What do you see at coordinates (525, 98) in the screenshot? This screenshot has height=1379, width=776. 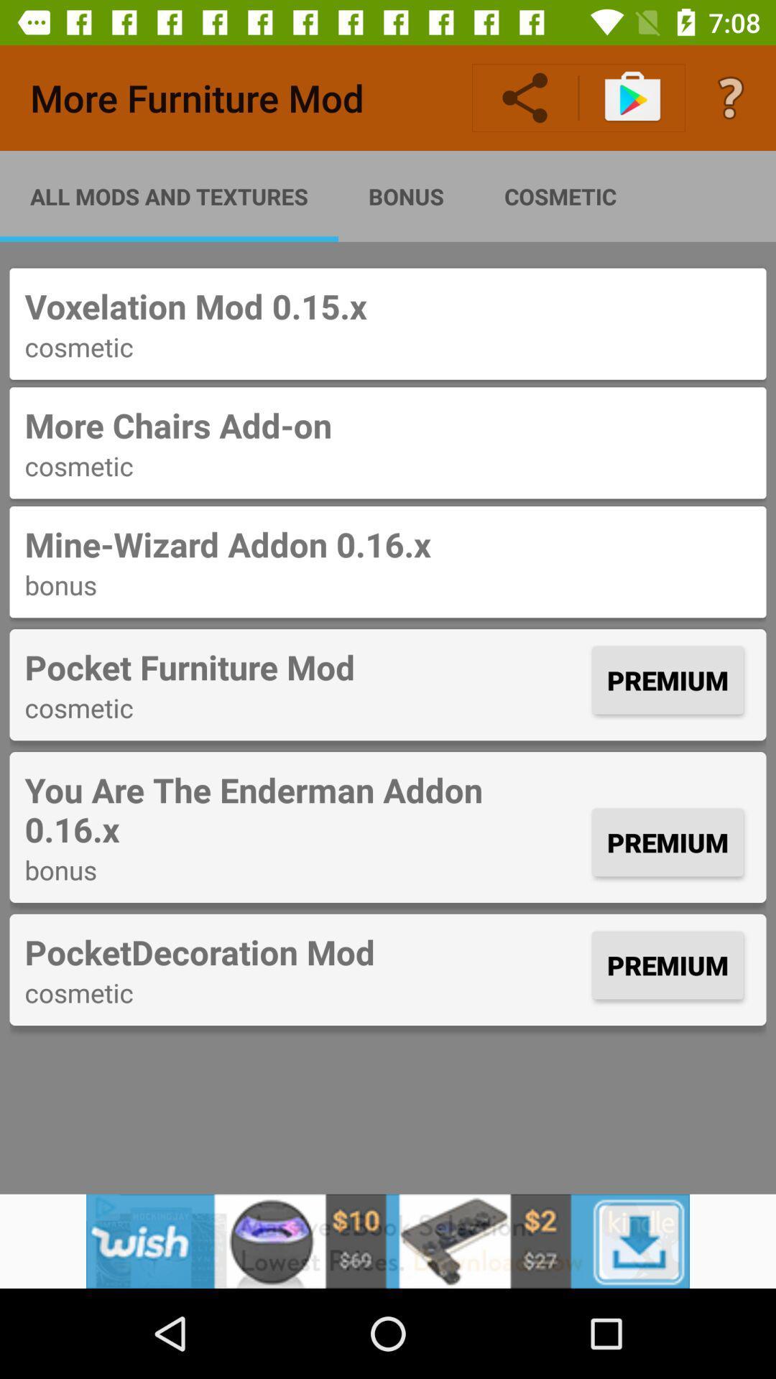 I see `the button which is left to playstore button` at bounding box center [525, 98].